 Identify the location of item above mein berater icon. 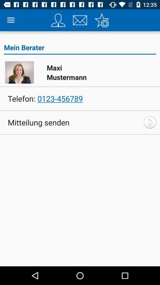
(11, 20).